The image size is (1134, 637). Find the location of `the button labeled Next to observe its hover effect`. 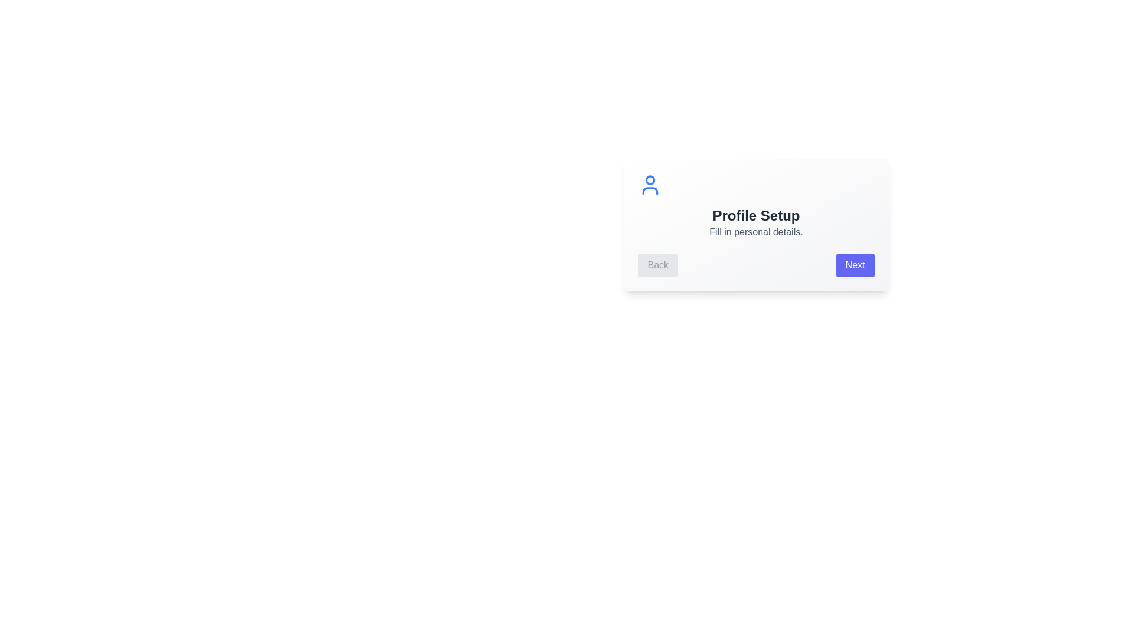

the button labeled Next to observe its hover effect is located at coordinates (855, 265).